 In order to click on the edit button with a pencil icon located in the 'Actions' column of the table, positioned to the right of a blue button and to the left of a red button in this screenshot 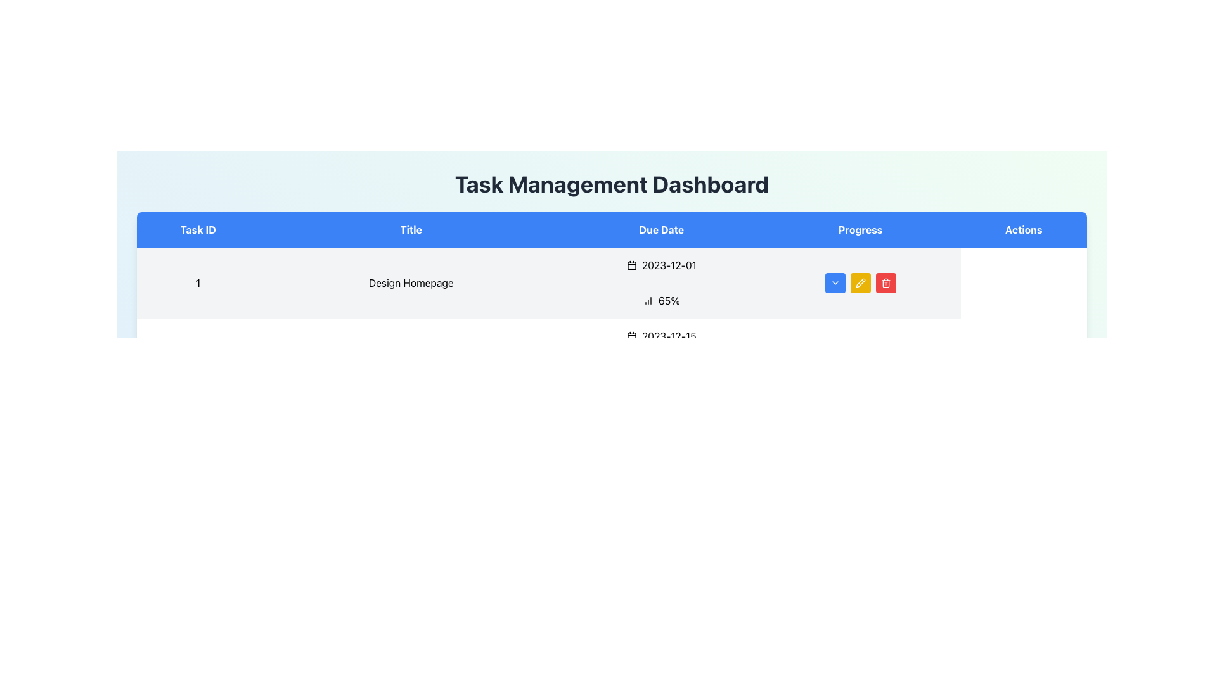, I will do `click(860, 282)`.